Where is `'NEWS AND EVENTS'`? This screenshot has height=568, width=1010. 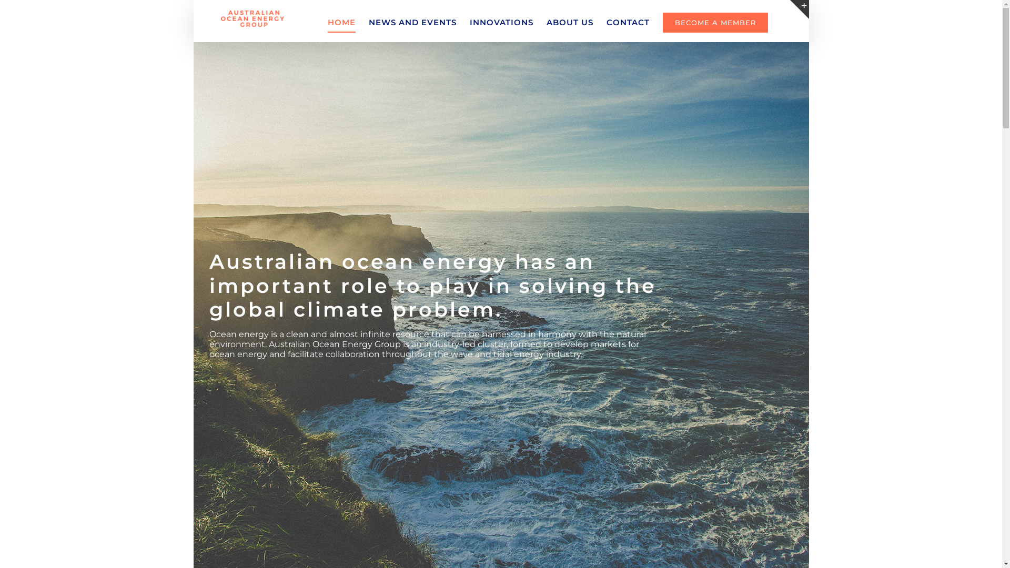
'NEWS AND EVENTS' is located at coordinates (368, 22).